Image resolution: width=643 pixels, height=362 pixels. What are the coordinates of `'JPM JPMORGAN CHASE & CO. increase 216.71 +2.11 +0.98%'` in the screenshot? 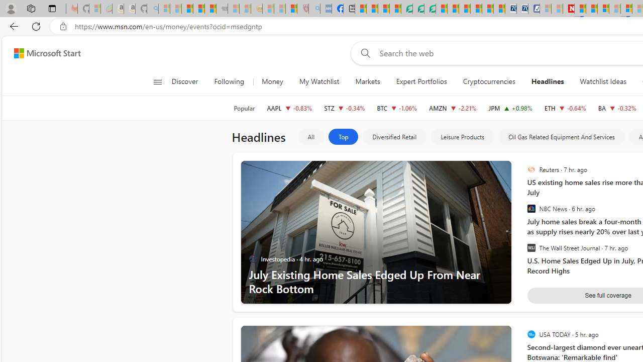 It's located at (510, 108).